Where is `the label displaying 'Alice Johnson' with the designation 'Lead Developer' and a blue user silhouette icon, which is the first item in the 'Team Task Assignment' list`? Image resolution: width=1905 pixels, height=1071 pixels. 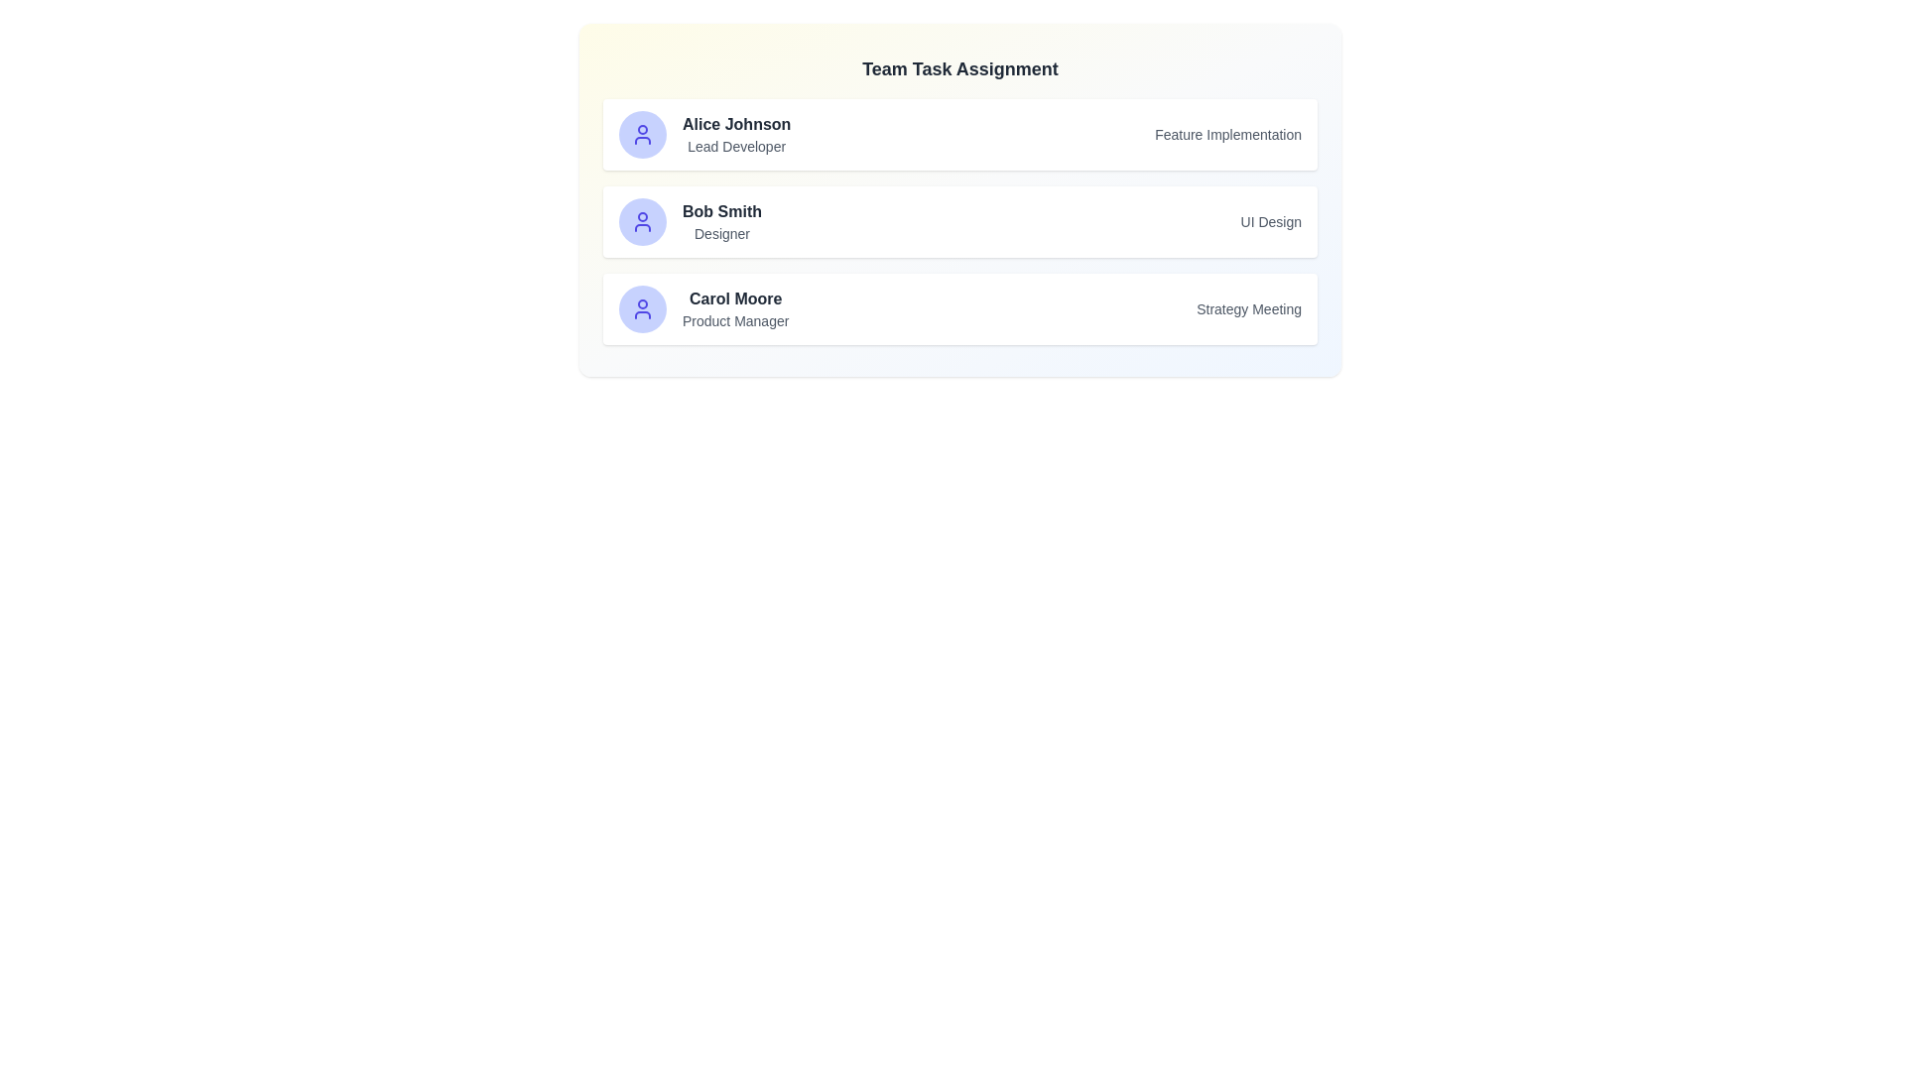 the label displaying 'Alice Johnson' with the designation 'Lead Developer' and a blue user silhouette icon, which is the first item in the 'Team Task Assignment' list is located at coordinates (704, 134).